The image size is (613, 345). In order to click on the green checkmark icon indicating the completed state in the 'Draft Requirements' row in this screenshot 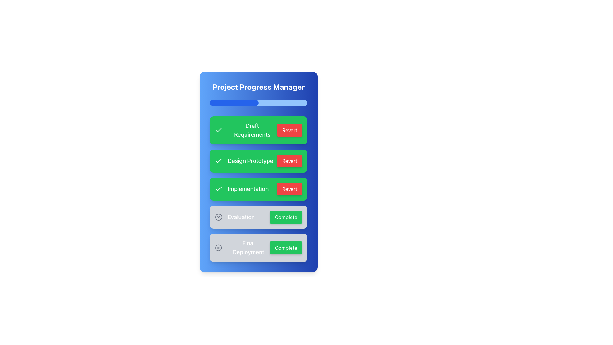, I will do `click(218, 130)`.